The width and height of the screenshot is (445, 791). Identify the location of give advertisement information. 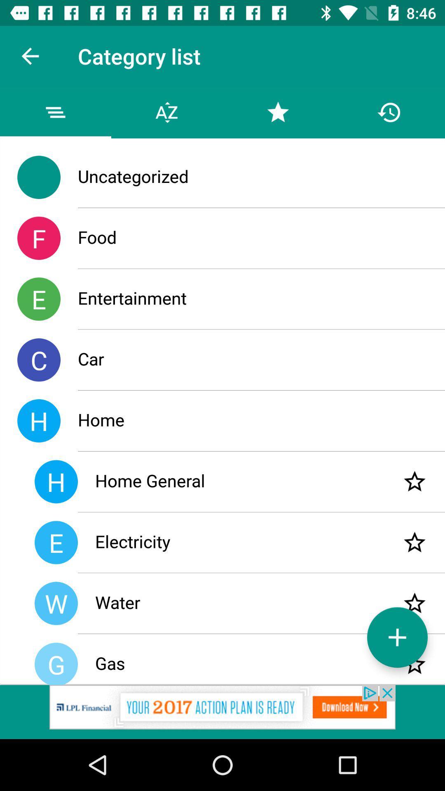
(222, 711).